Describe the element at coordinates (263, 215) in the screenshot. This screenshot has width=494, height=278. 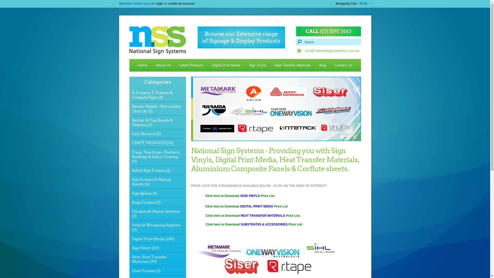
I see `'HEAT TRANSFER MATERIALS'` at that location.